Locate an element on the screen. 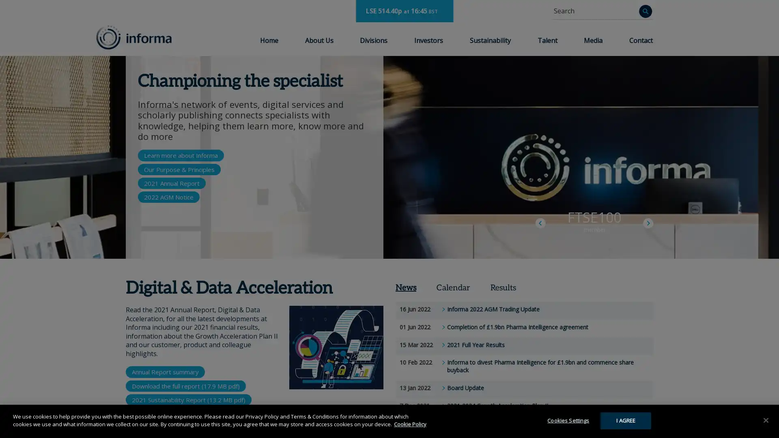  Search is located at coordinates (645, 11).